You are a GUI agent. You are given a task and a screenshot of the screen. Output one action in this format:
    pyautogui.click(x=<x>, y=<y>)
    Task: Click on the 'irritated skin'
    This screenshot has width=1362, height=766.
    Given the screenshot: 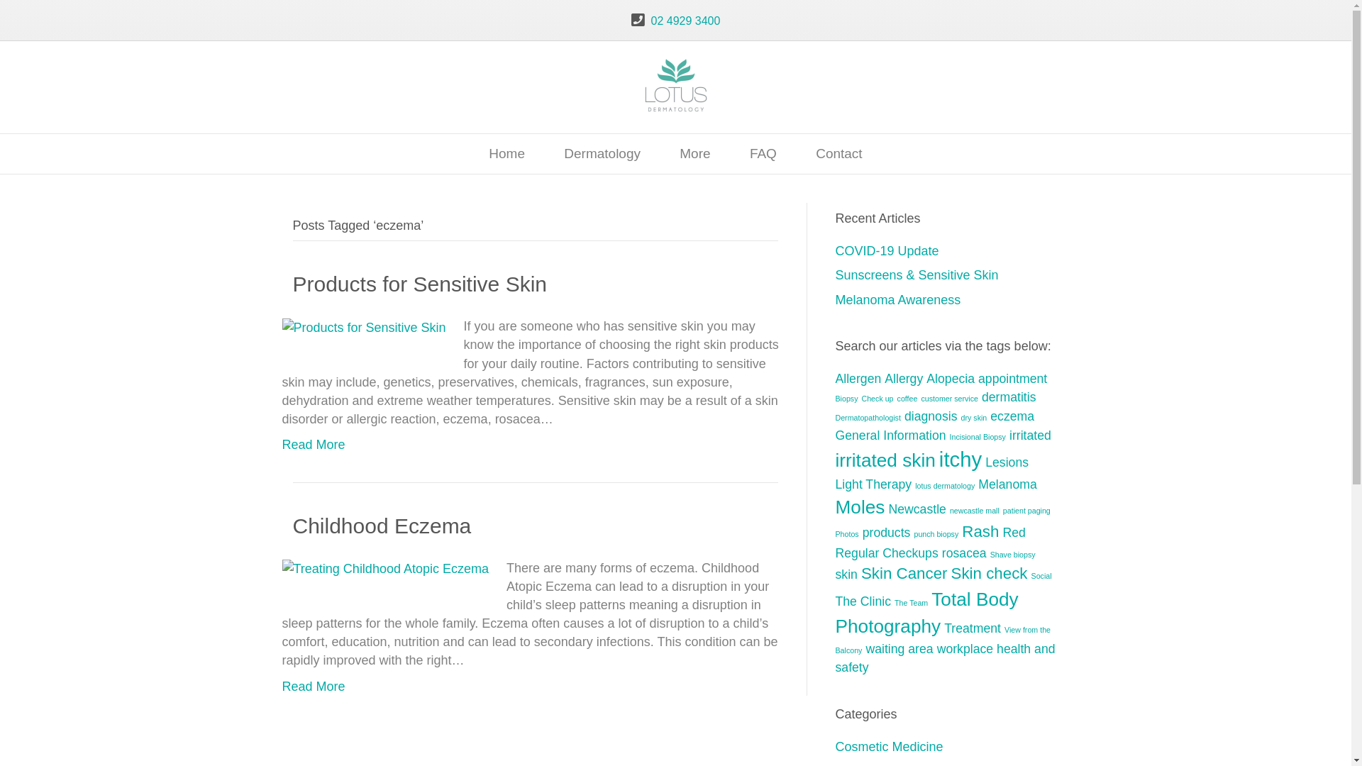 What is the action you would take?
    pyautogui.click(x=885, y=460)
    